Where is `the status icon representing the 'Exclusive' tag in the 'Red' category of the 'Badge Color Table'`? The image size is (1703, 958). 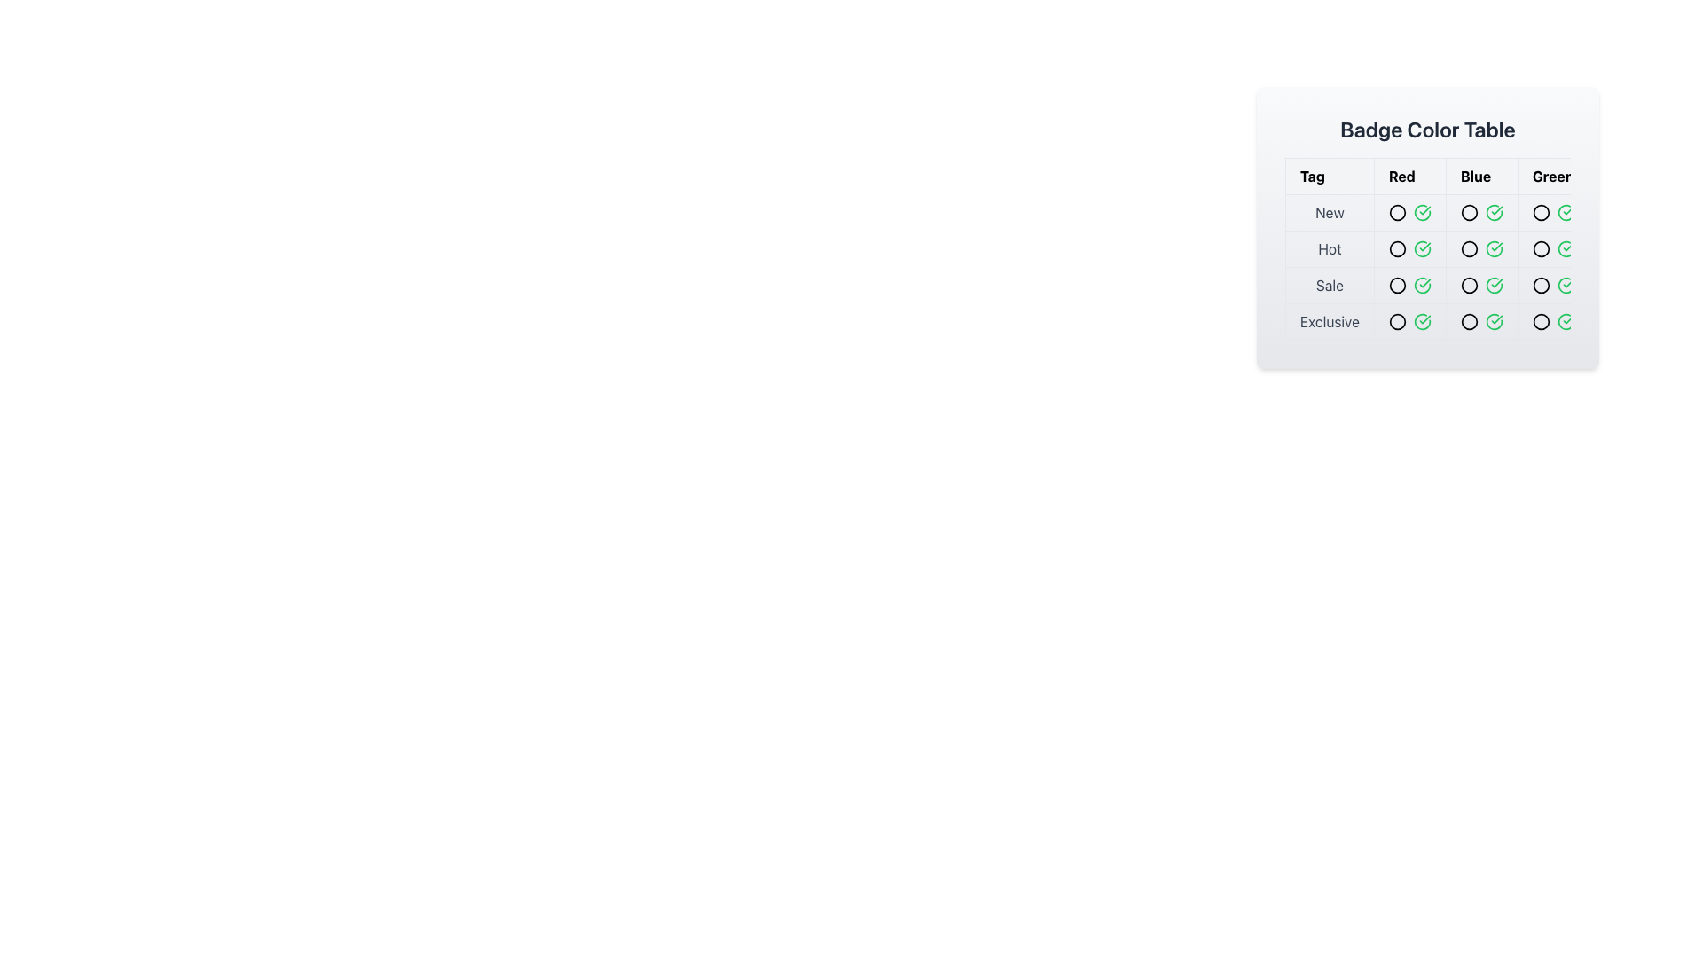
the status icon representing the 'Exclusive' tag in the 'Red' category of the 'Badge Color Table' is located at coordinates (1409, 321).